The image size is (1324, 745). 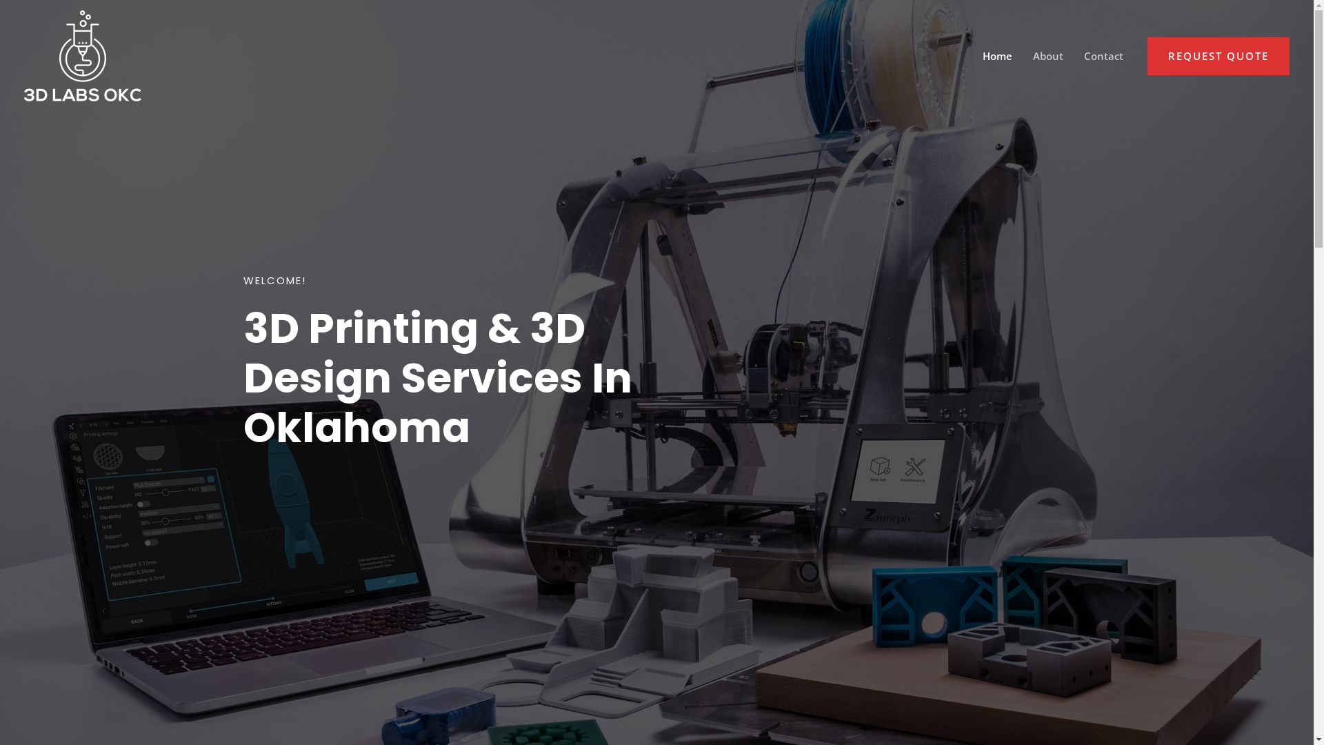 I want to click on 'Contact', so click(x=1072, y=55).